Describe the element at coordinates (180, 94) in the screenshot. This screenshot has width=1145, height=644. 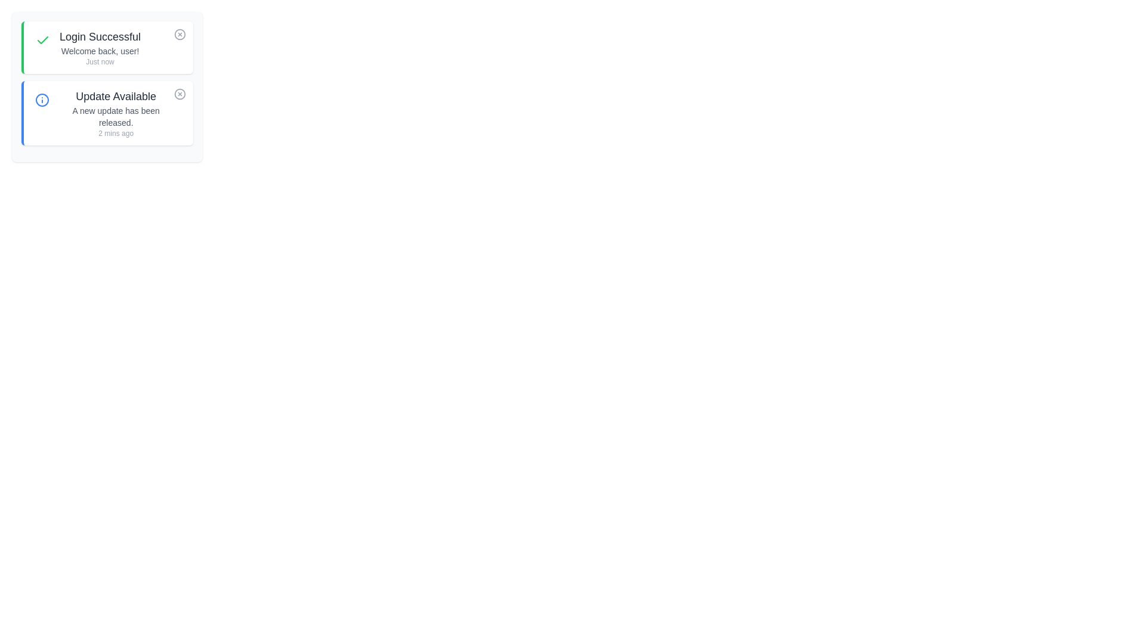
I see `the close button located at the top-right corner of the 'Update Available' notification card` at that location.